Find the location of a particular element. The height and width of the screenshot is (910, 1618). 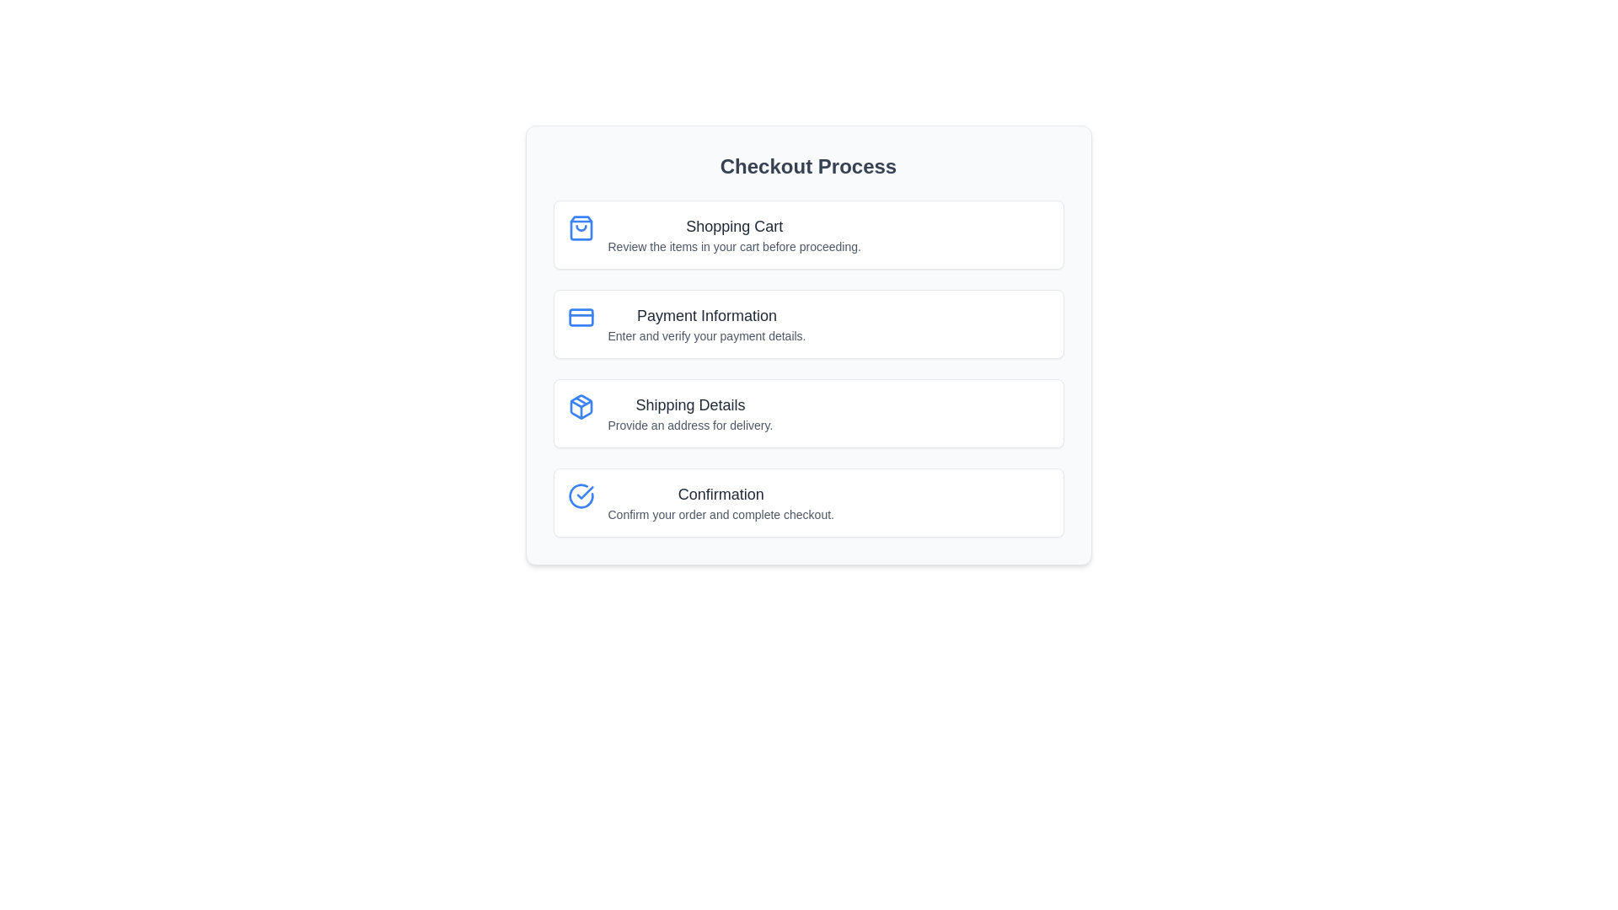

the blue circular icon with a checkmark next to the 'Confirmation' text in the 'Checkout Process' list to interact with its functionality is located at coordinates (581, 495).